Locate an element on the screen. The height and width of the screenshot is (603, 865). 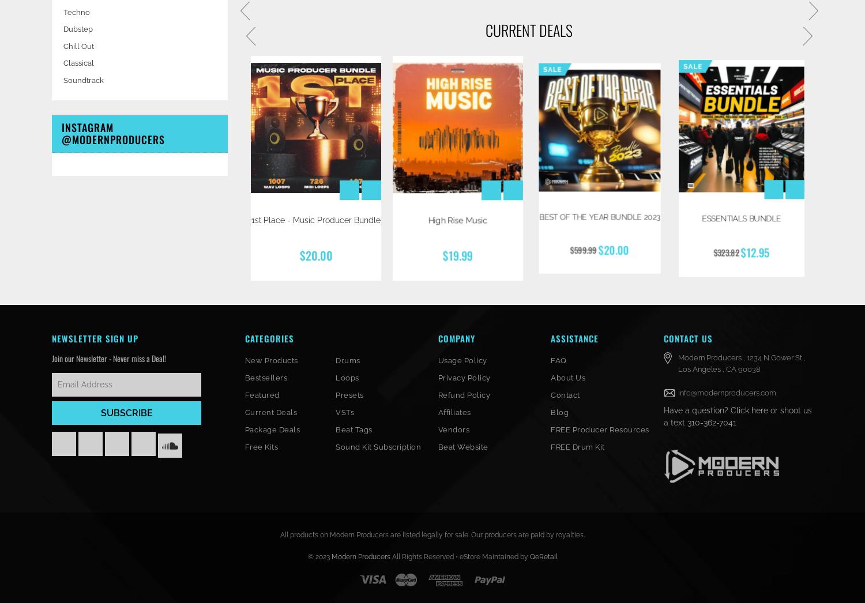
'CA 90038' is located at coordinates (743, 368).